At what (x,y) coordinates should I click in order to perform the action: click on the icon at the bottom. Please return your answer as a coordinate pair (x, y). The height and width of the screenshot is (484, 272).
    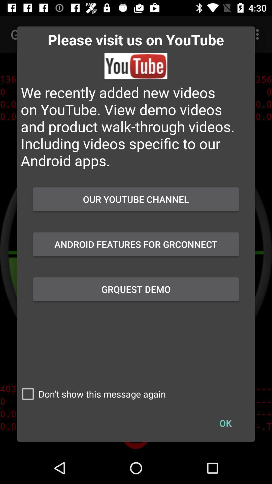
    Looking at the image, I should click on (91, 394).